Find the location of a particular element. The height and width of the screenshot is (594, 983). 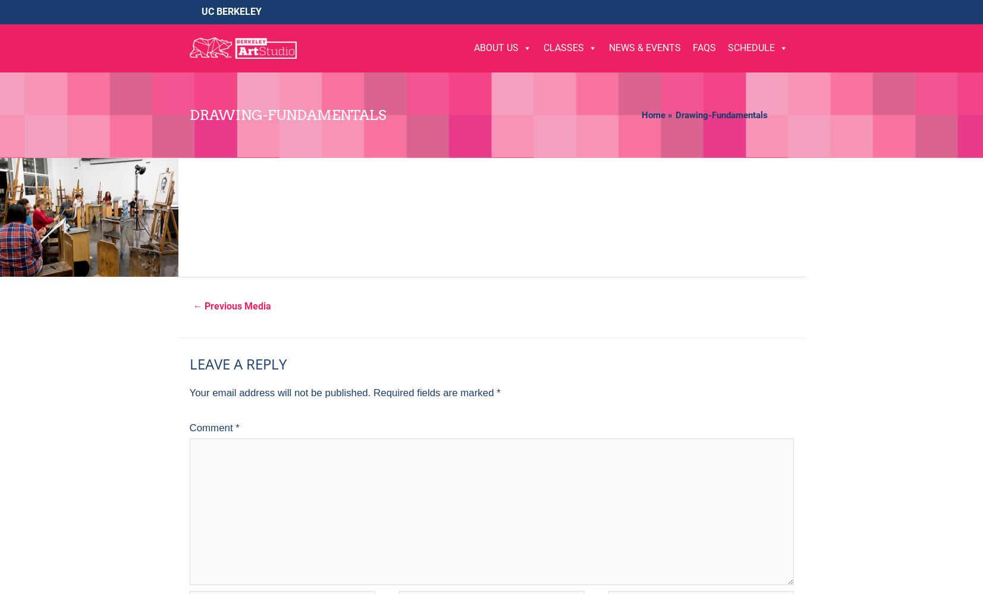

'FAQs' is located at coordinates (704, 47).